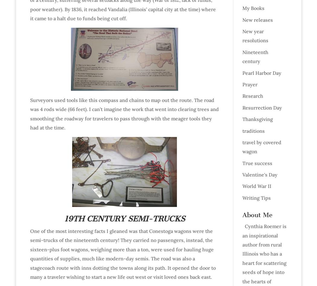  Describe the element at coordinates (256, 197) in the screenshot. I see `'Writing Tips'` at that location.